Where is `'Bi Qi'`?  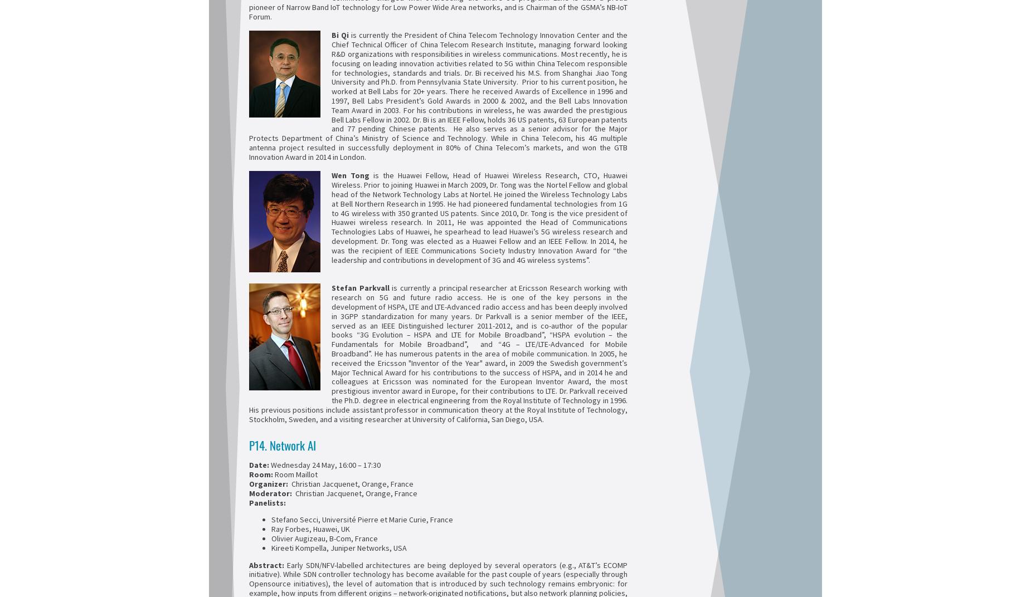
'Bi Qi' is located at coordinates (331, 35).